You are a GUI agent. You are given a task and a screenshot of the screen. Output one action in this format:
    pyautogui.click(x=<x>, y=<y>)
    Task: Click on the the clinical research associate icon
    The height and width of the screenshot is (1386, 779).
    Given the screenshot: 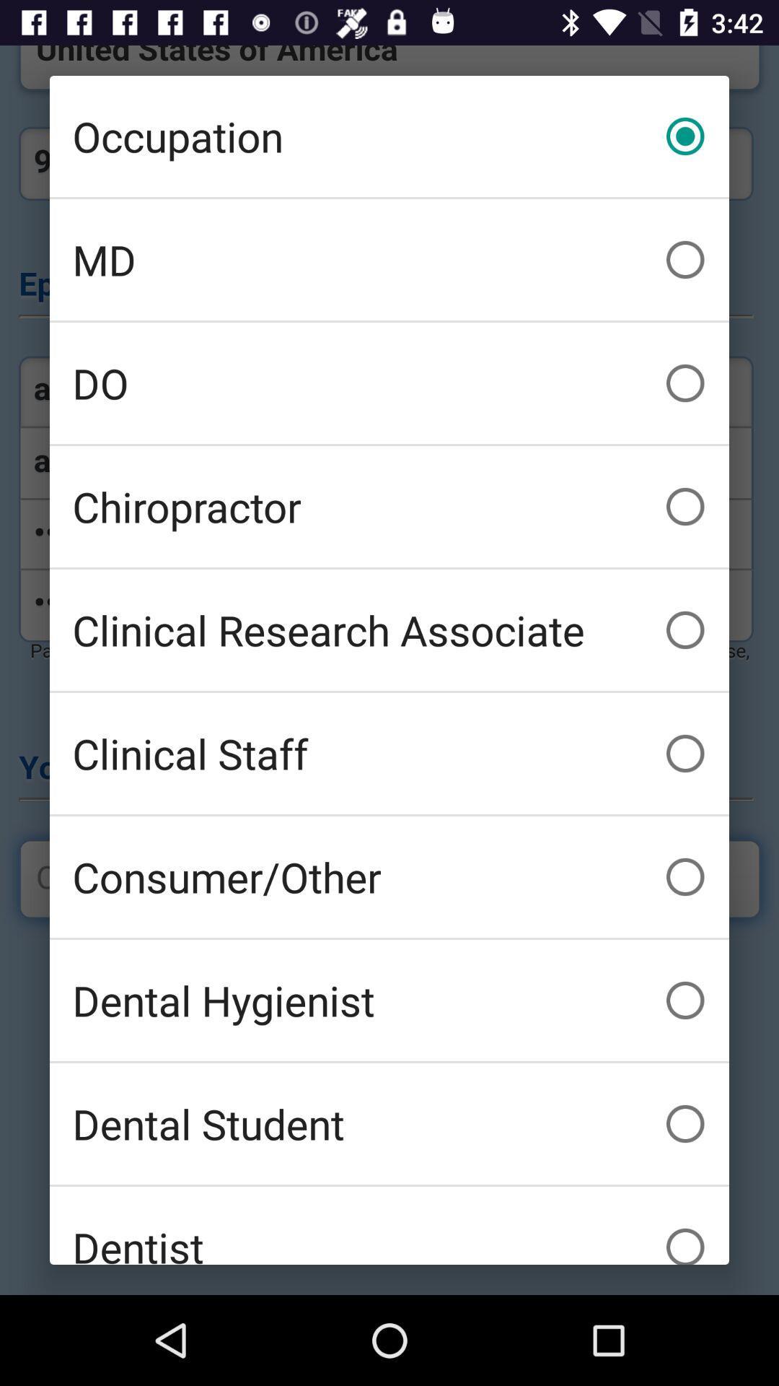 What is the action you would take?
    pyautogui.click(x=389, y=630)
    